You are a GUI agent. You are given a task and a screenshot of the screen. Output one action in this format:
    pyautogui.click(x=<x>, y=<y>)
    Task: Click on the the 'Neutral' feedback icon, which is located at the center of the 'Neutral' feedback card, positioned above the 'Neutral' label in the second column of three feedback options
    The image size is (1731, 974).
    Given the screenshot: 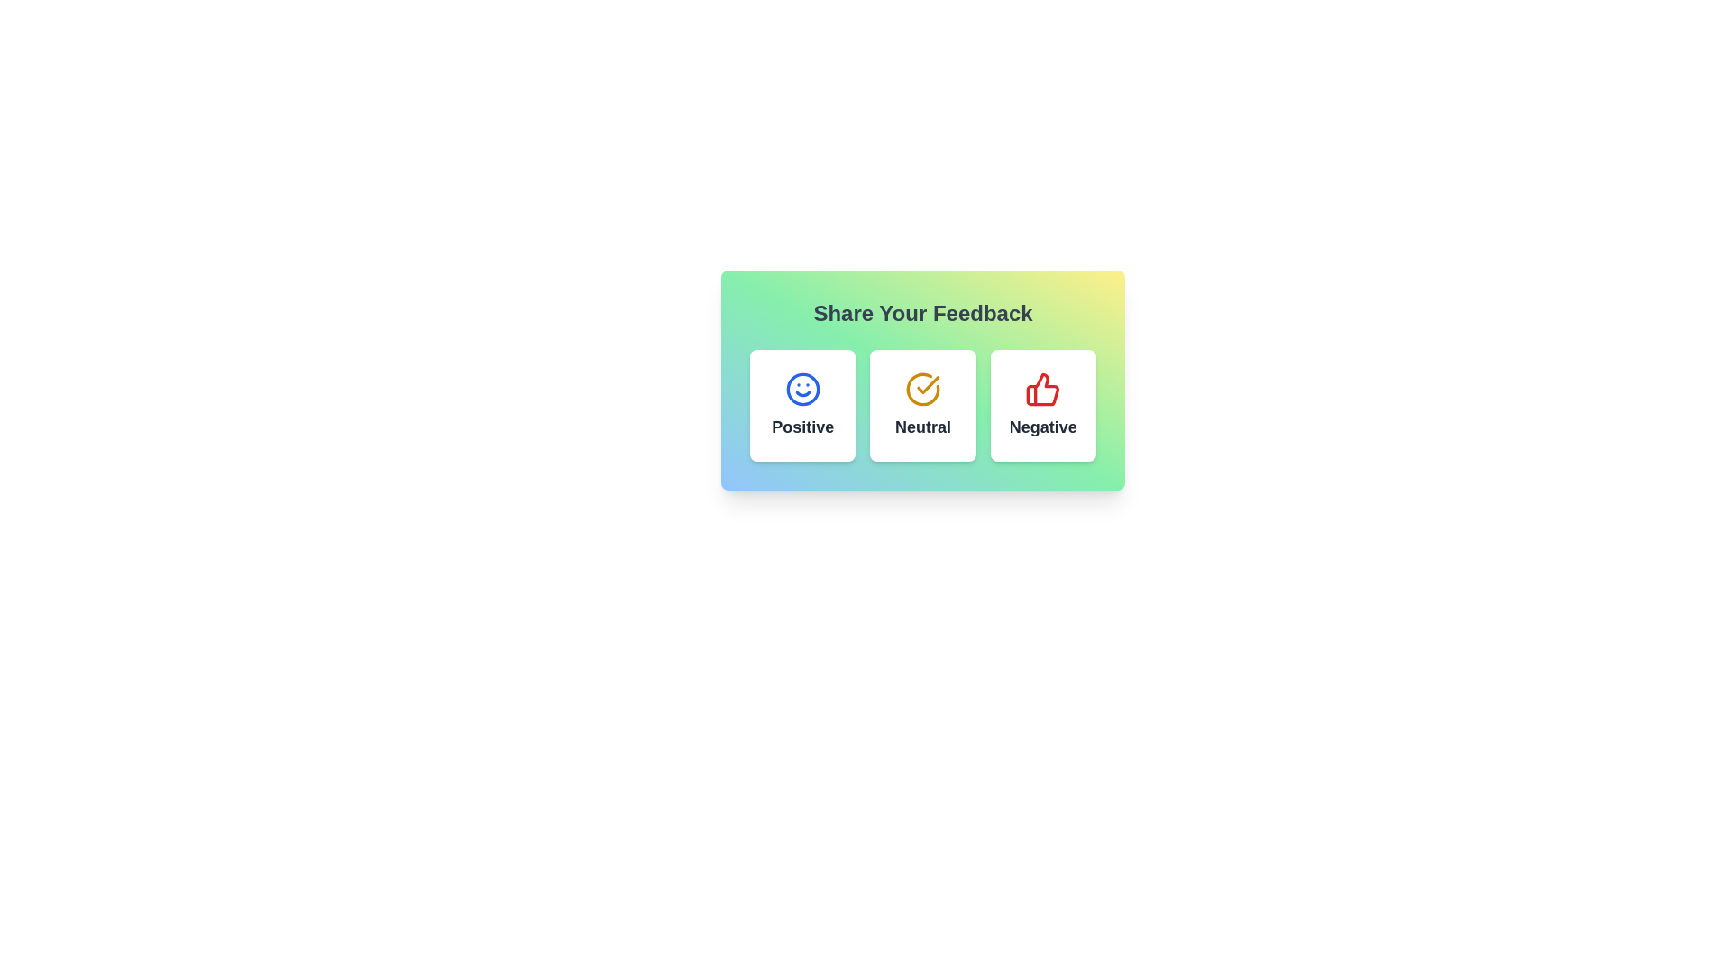 What is the action you would take?
    pyautogui.click(x=922, y=389)
    